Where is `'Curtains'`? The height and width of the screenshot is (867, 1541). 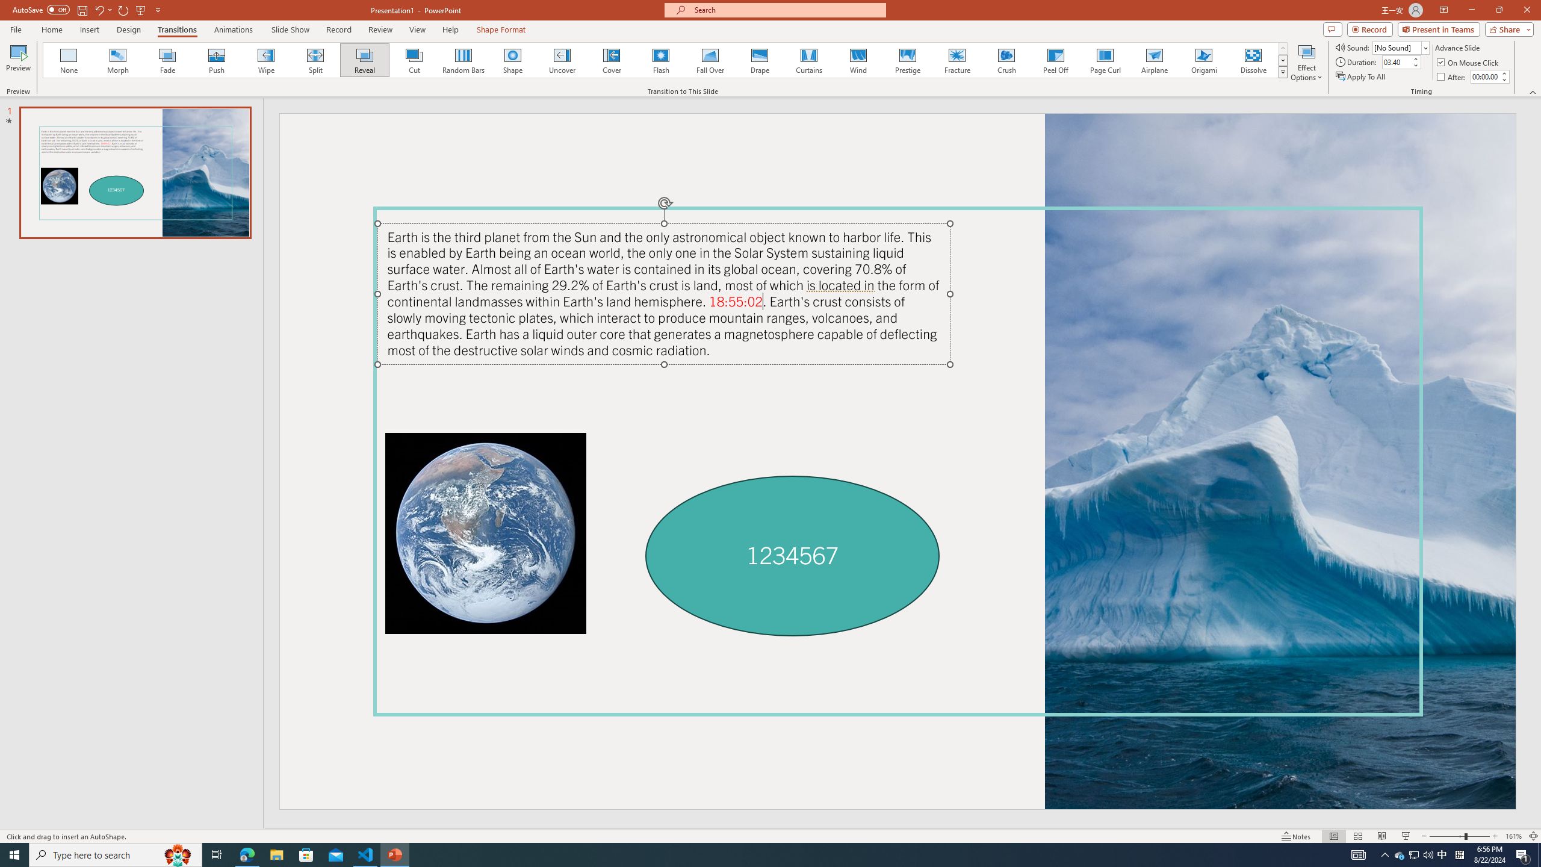
'Curtains' is located at coordinates (809, 60).